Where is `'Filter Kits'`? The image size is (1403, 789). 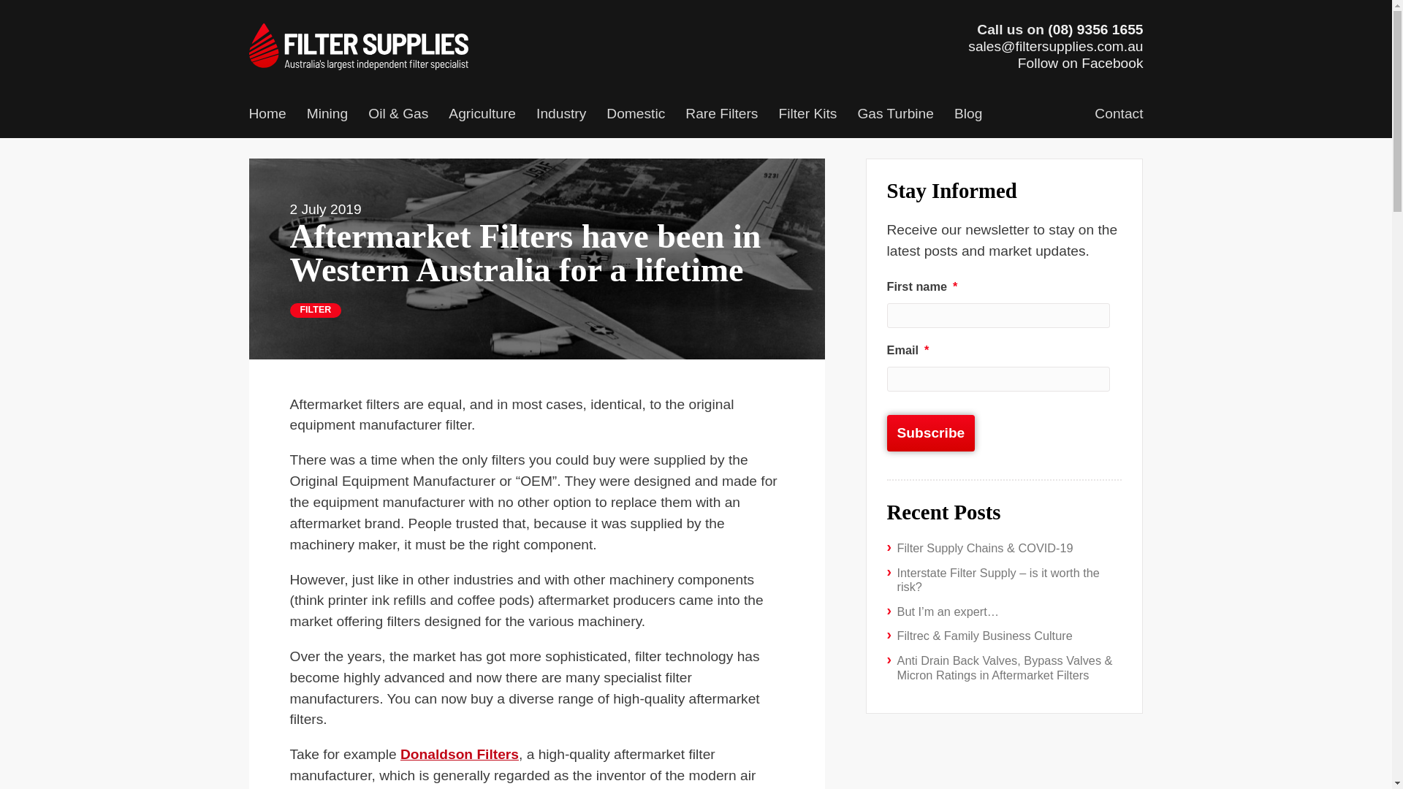
'Filter Kits' is located at coordinates (806, 115).